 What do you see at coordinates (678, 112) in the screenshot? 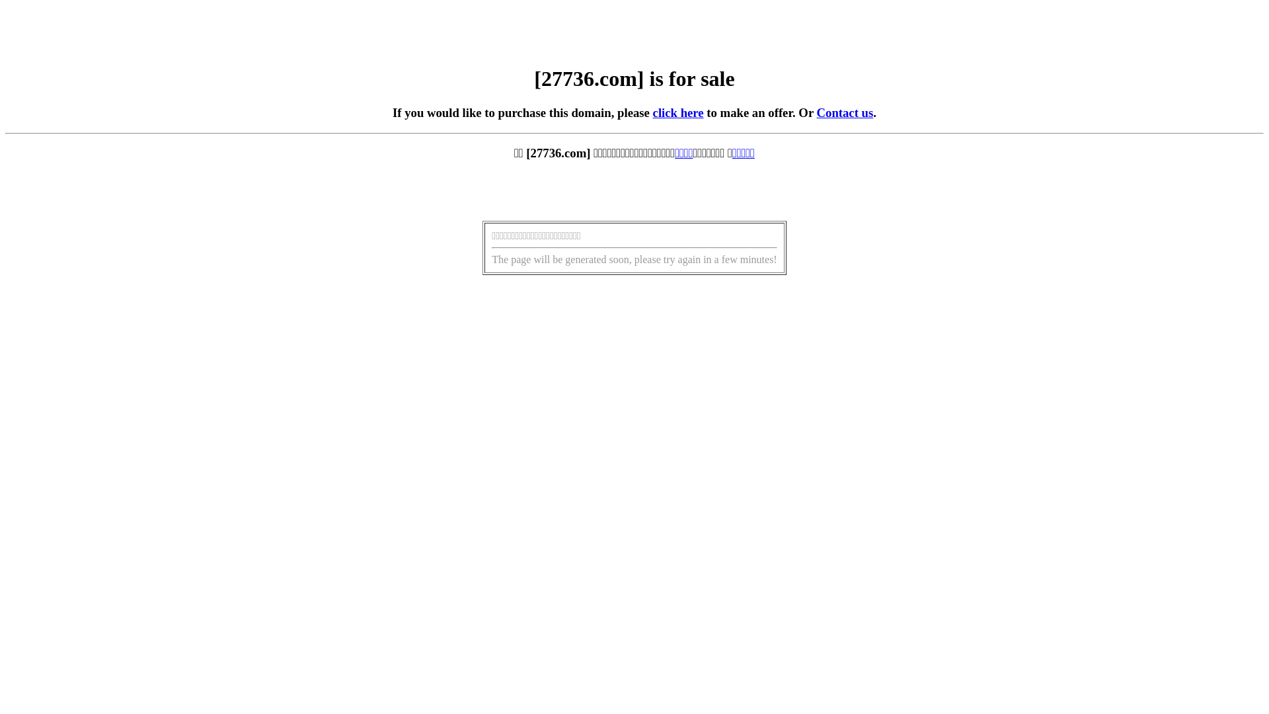
I see `'click here'` at bounding box center [678, 112].